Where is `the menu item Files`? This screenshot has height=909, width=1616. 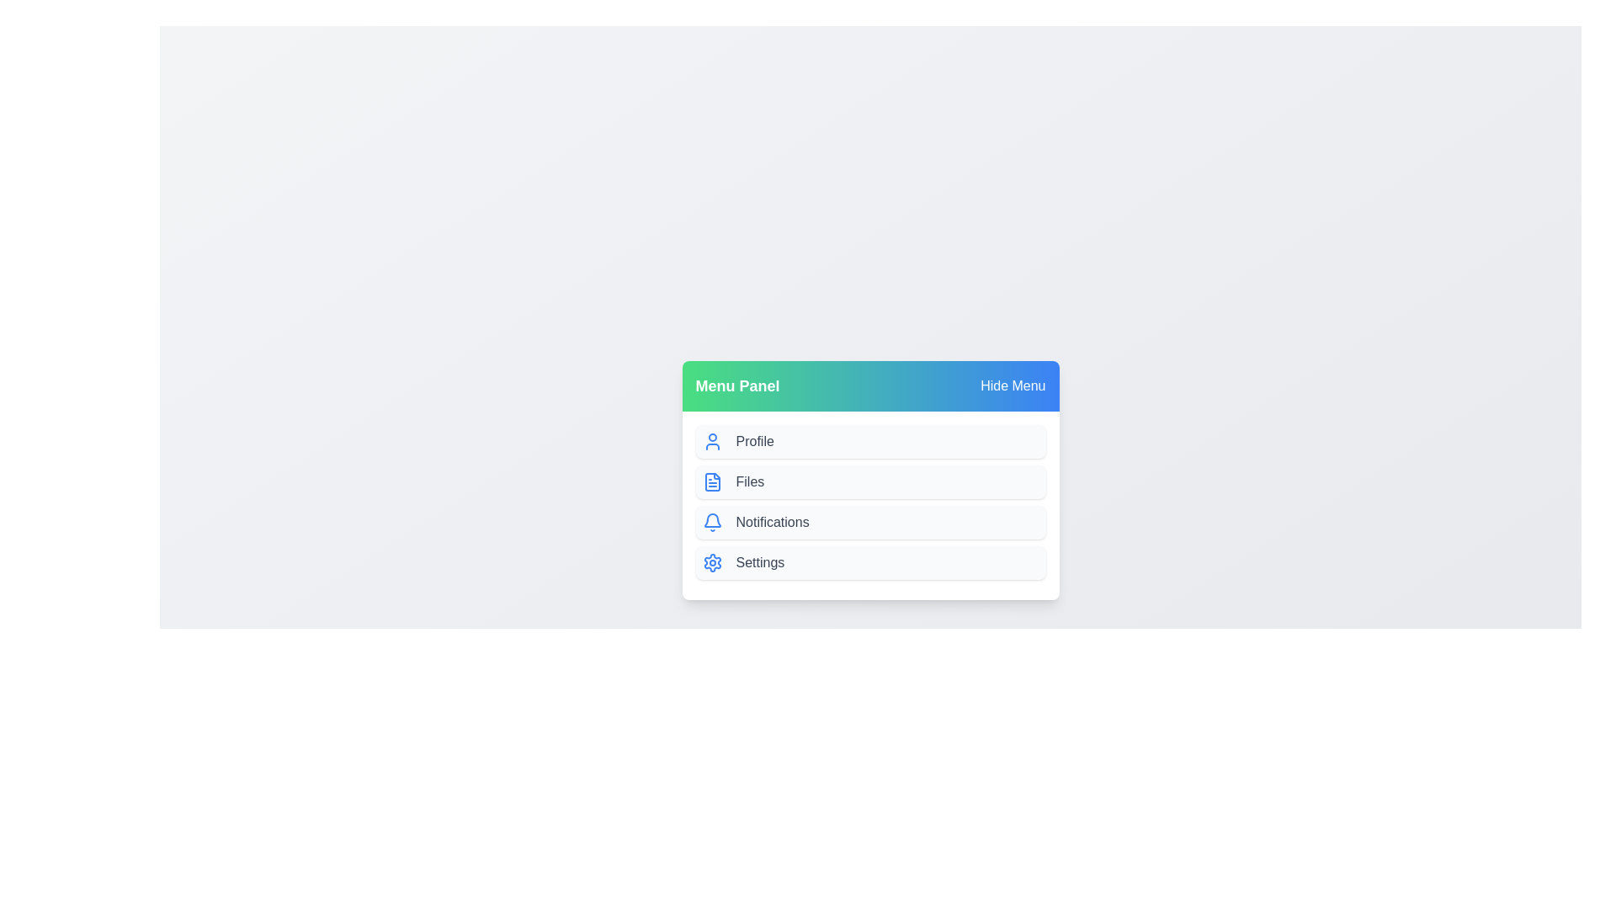
the menu item Files is located at coordinates (870, 482).